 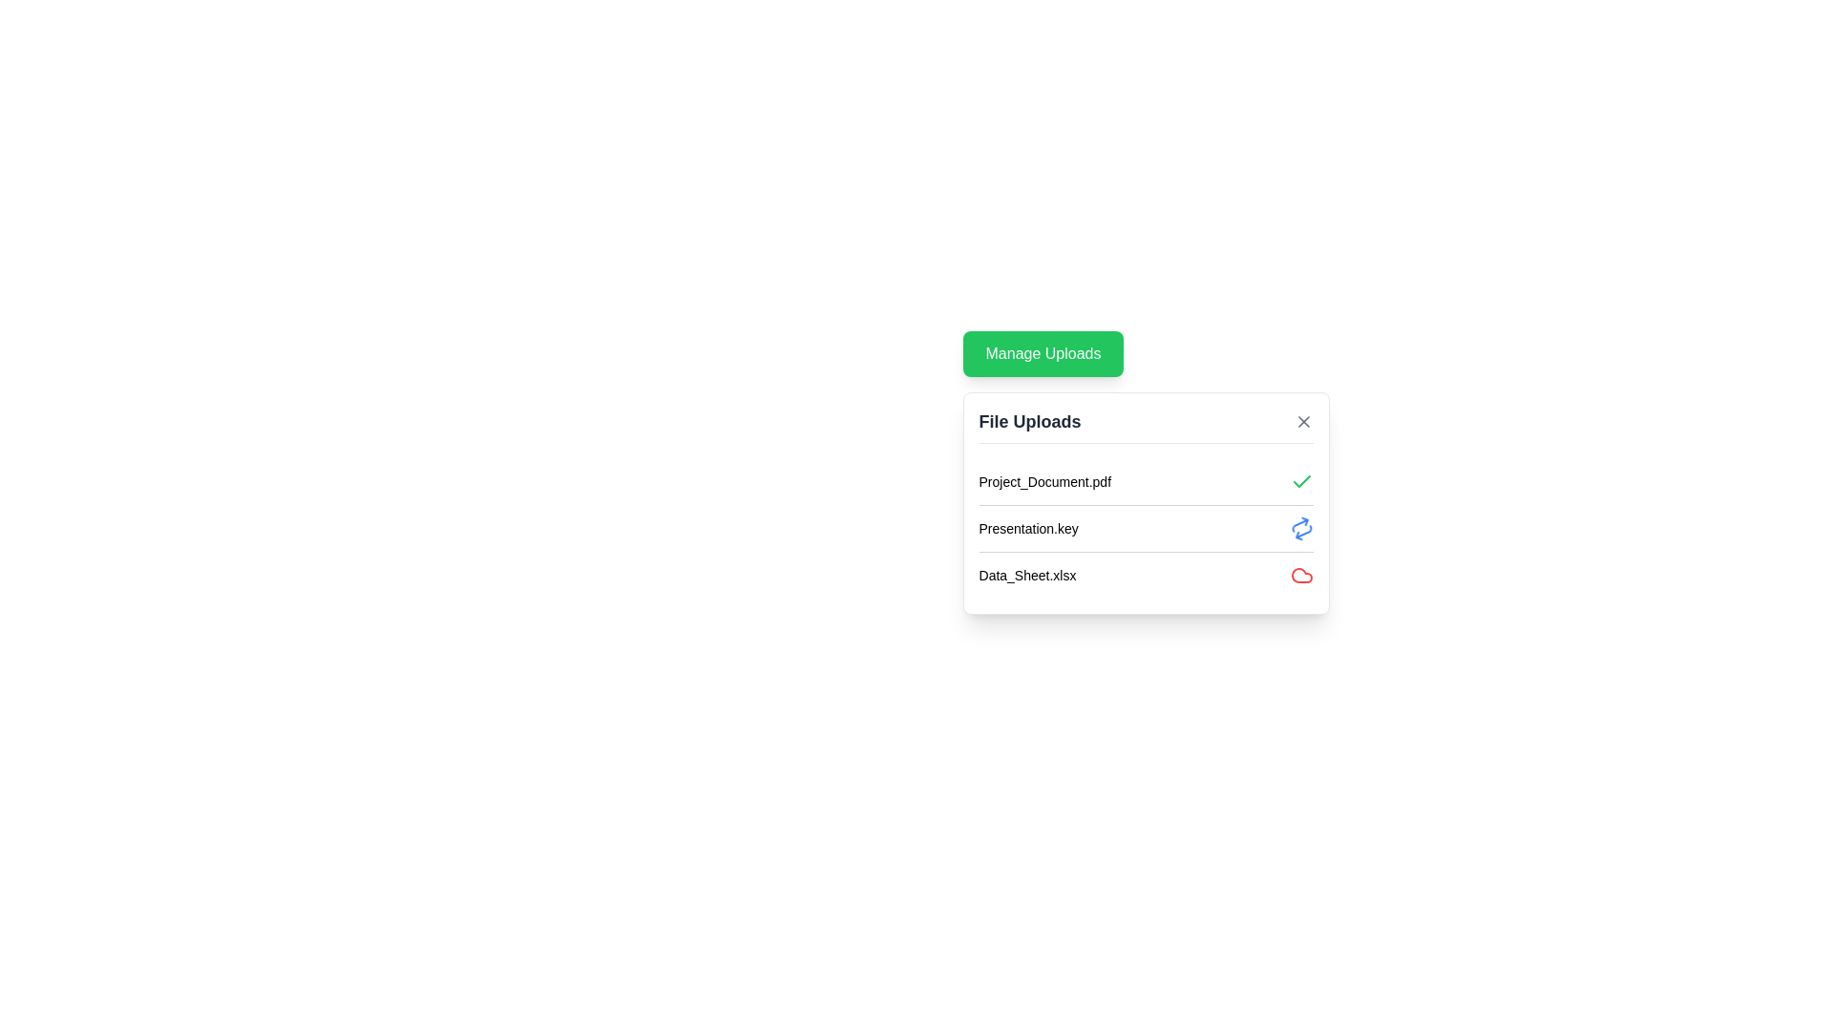 I want to click on the circular blue arrow icon indicating a loading or retry action, located next to the file name 'Presentation.key' in the upload status panel, so click(x=1300, y=529).